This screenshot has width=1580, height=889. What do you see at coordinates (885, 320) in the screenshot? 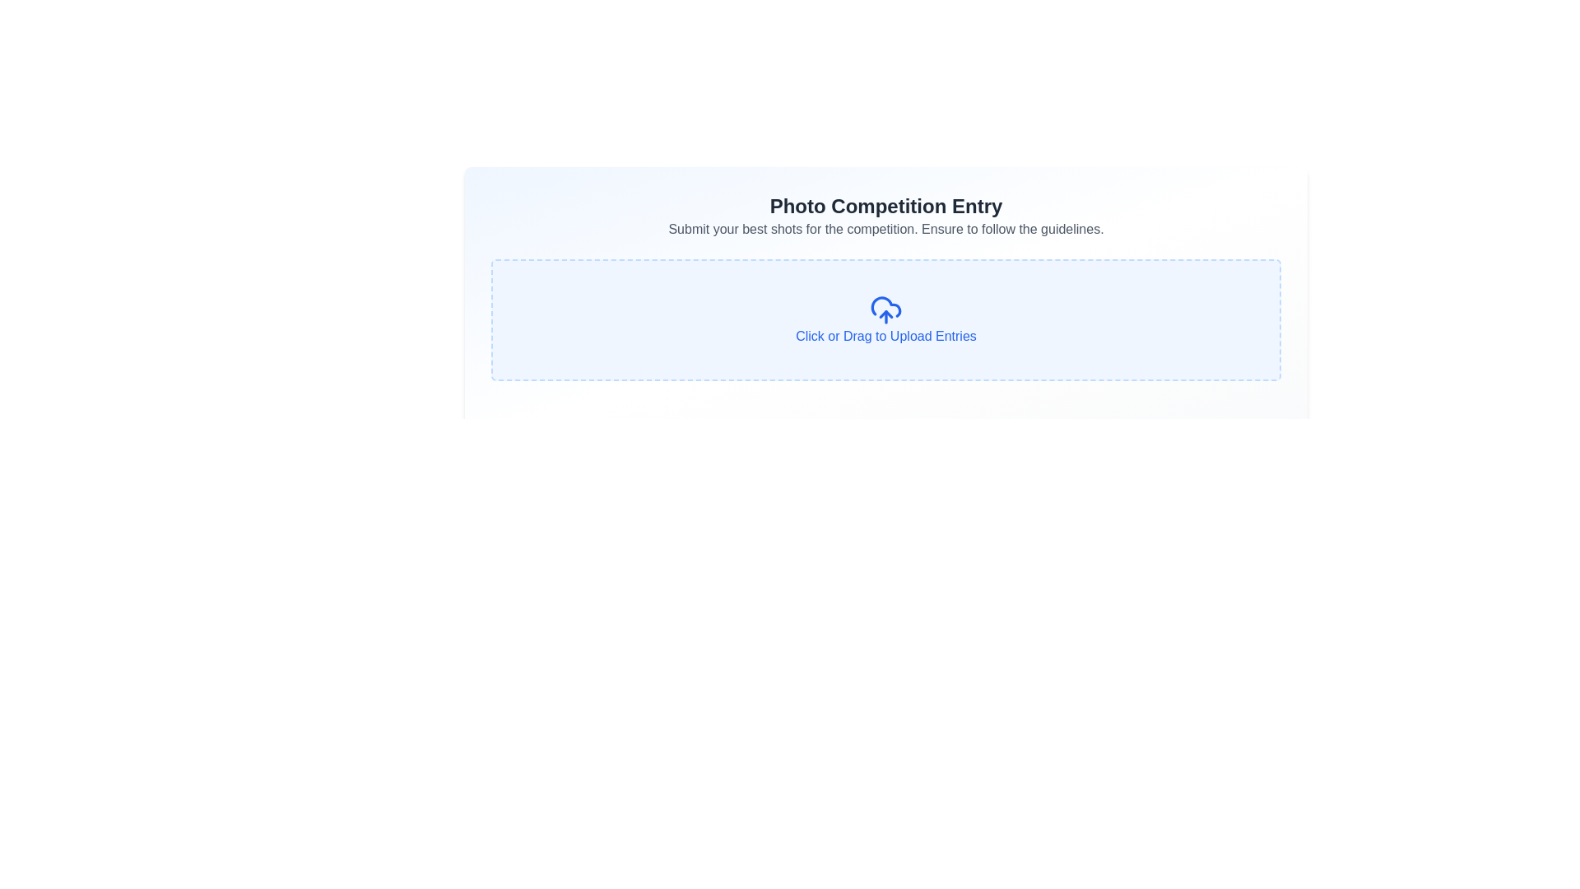
I see `the centrally located file upload area, which is below the text 'Submit your best shots for the competition.'` at bounding box center [885, 320].